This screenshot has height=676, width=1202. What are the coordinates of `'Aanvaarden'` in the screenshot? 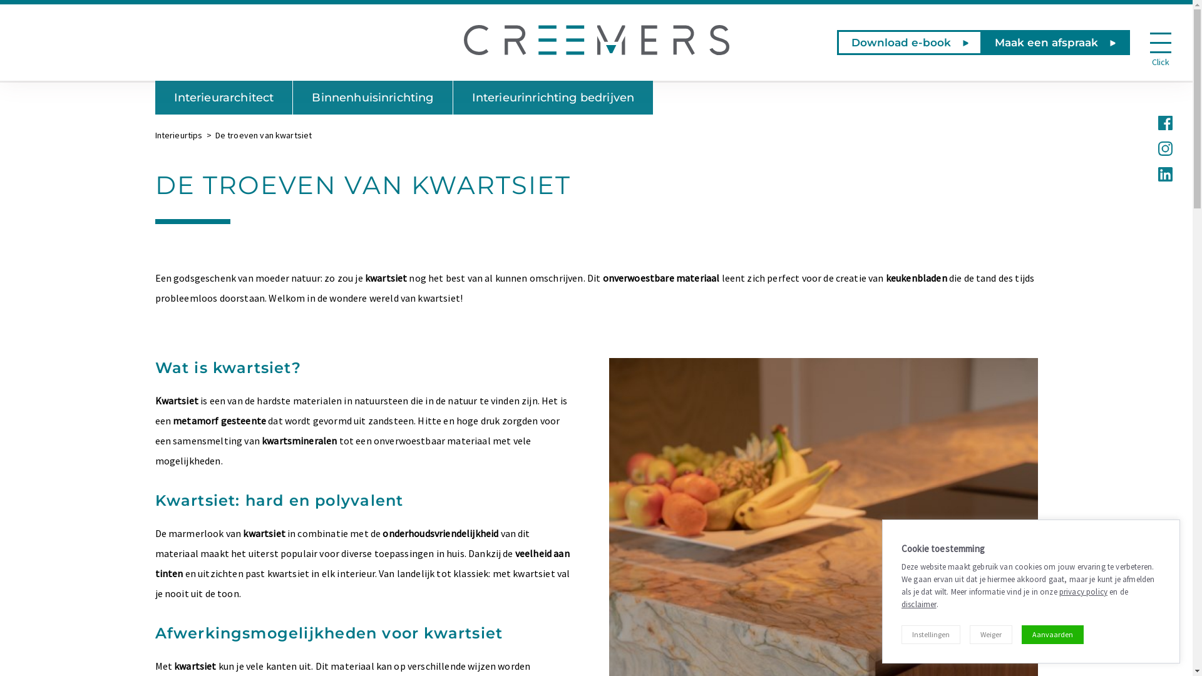 It's located at (1052, 635).